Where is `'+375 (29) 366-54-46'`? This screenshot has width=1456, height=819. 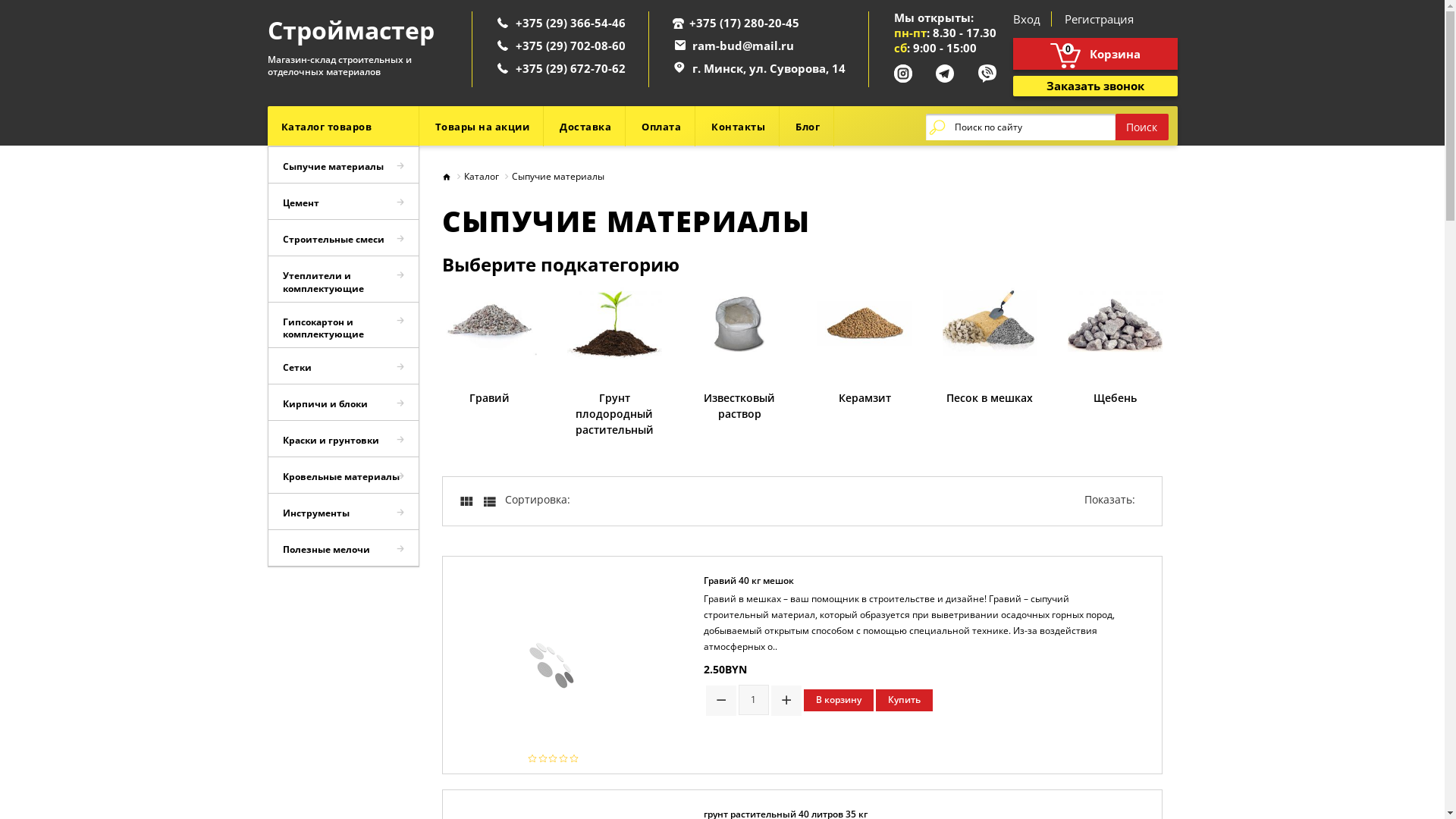 '+375 (29) 366-54-46' is located at coordinates (516, 23).